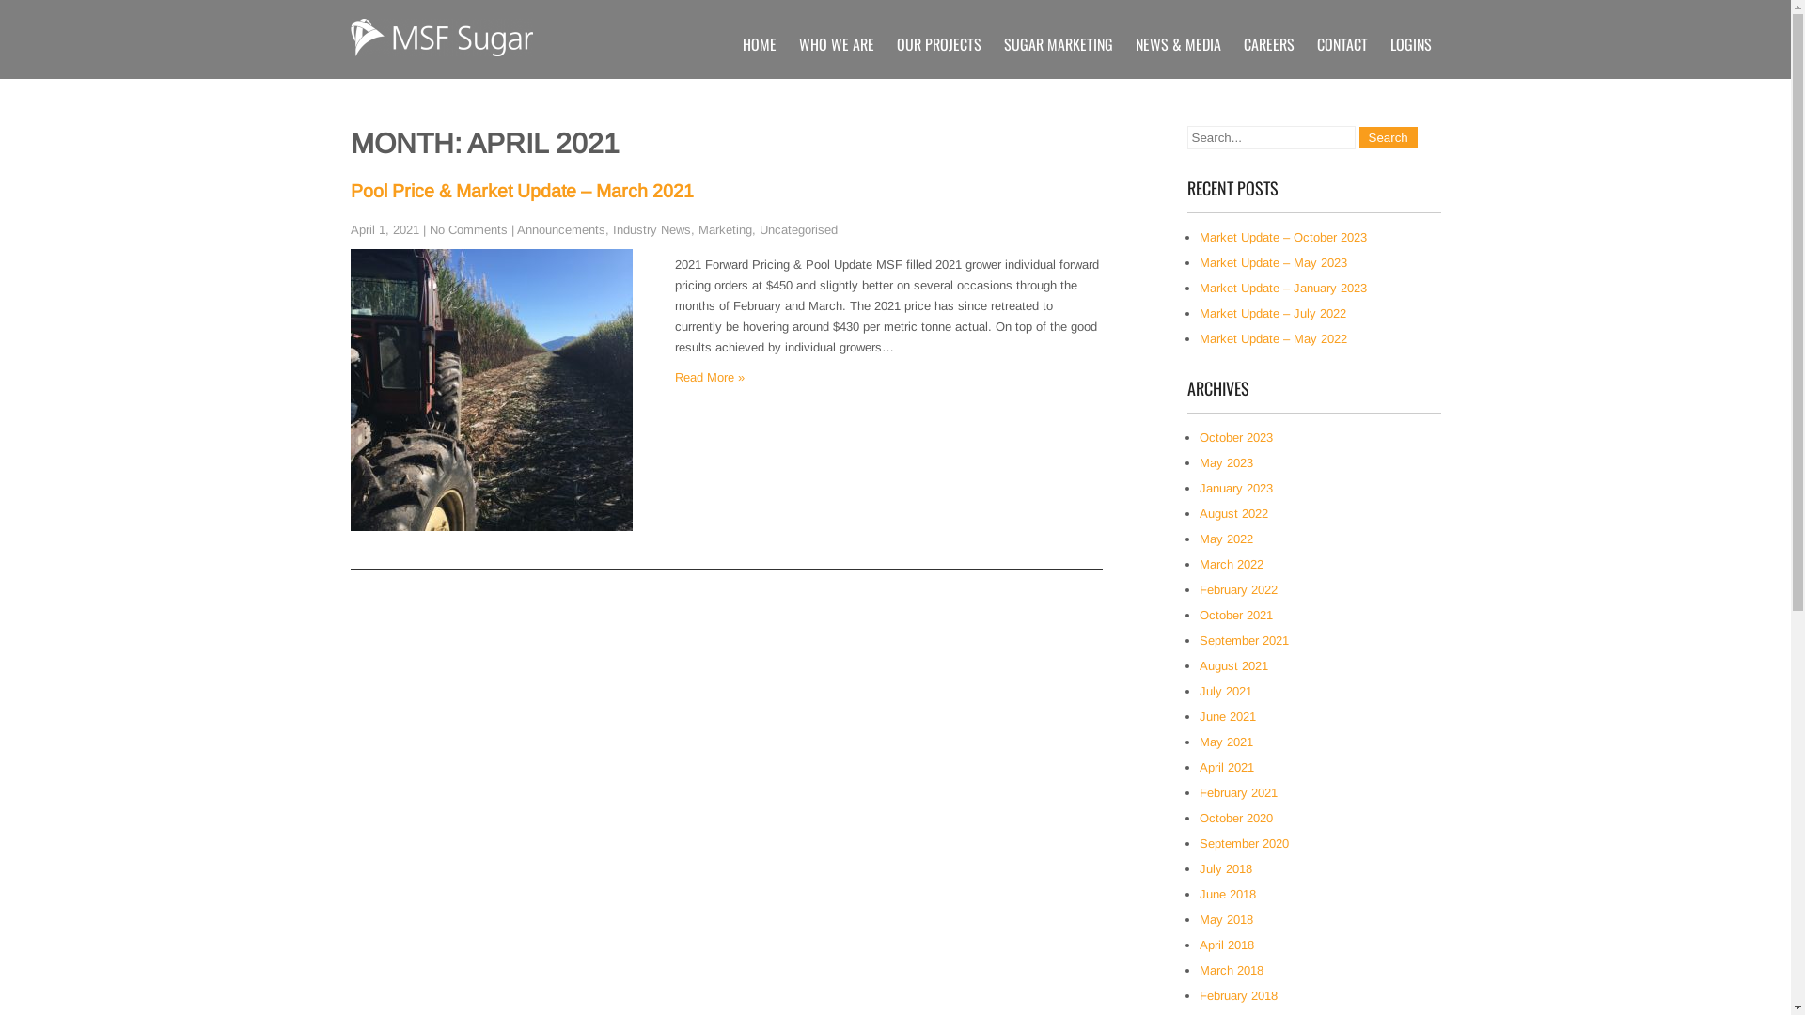  I want to click on 'WHO WE ARE', so click(835, 42).